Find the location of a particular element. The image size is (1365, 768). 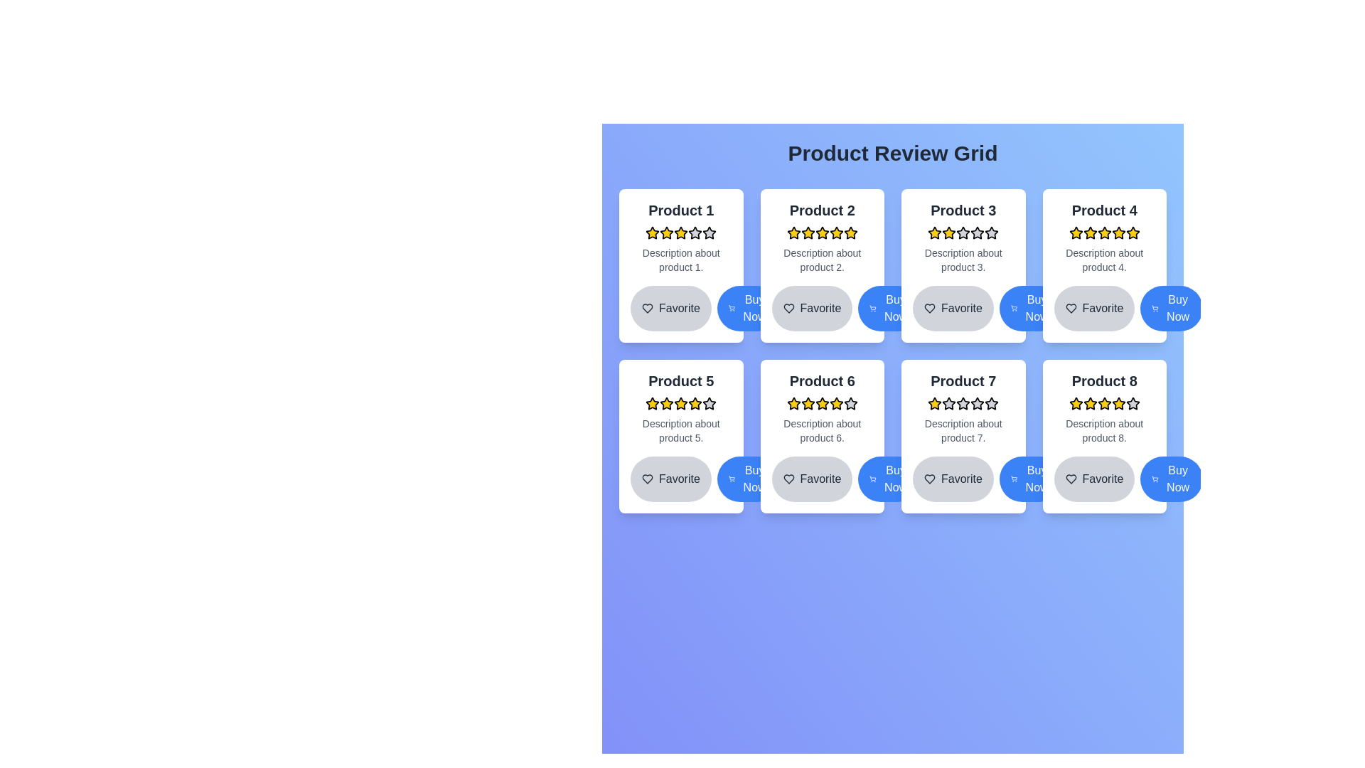

the fourth star in the 5-star rating system for the associated product in the 'Product 7' card to change the rating is located at coordinates (963, 403).